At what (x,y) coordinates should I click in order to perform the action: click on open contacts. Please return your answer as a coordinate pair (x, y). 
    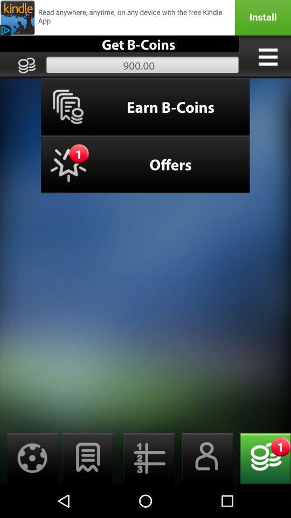
    Looking at the image, I should click on (204, 458).